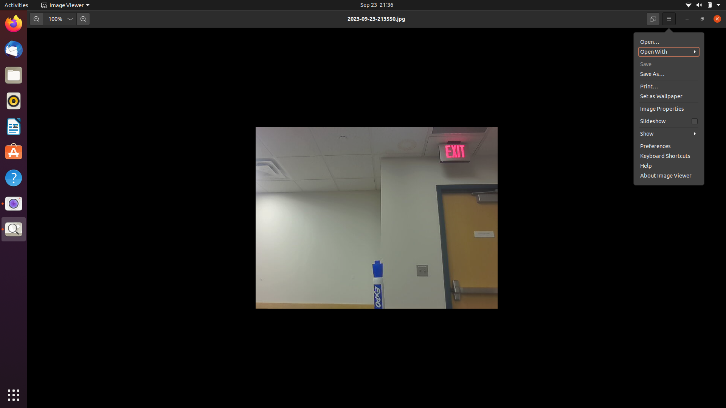  What do you see at coordinates (666, 175) in the screenshot?
I see `Update the configuration of the image viewer` at bounding box center [666, 175].